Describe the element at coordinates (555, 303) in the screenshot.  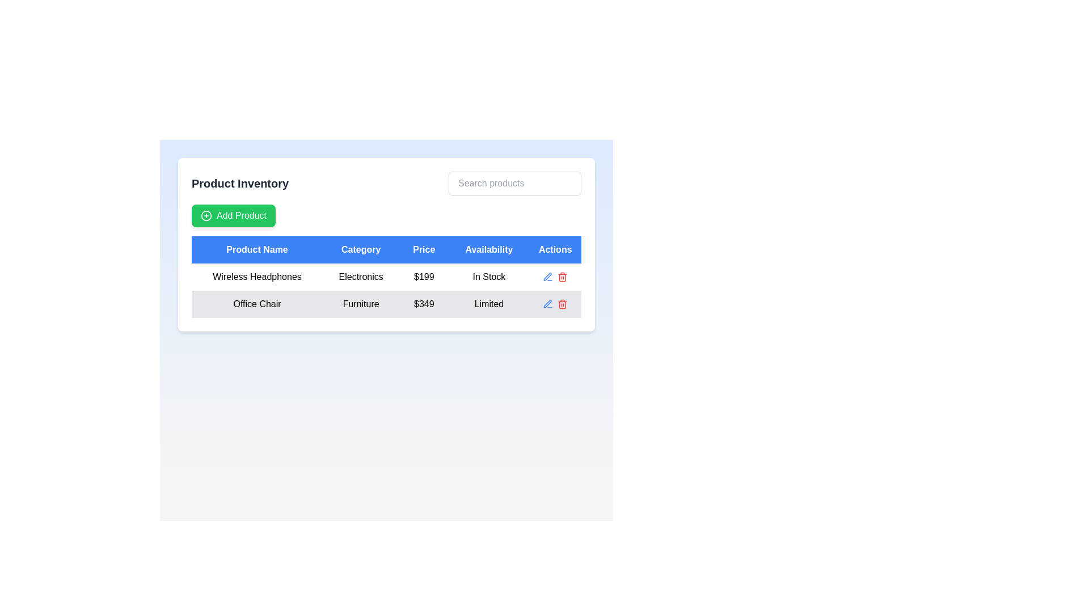
I see `the delete icon in the Interactive button group located in the 'Actions' column of the second row of the table, which corresponds to the 'Office Chair' product` at that location.